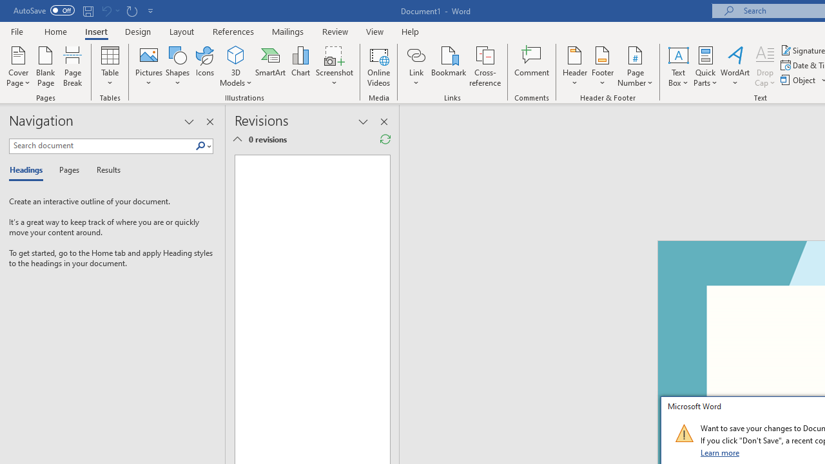 The width and height of the screenshot is (825, 464). What do you see at coordinates (269, 66) in the screenshot?
I see `'SmartArt...'` at bounding box center [269, 66].